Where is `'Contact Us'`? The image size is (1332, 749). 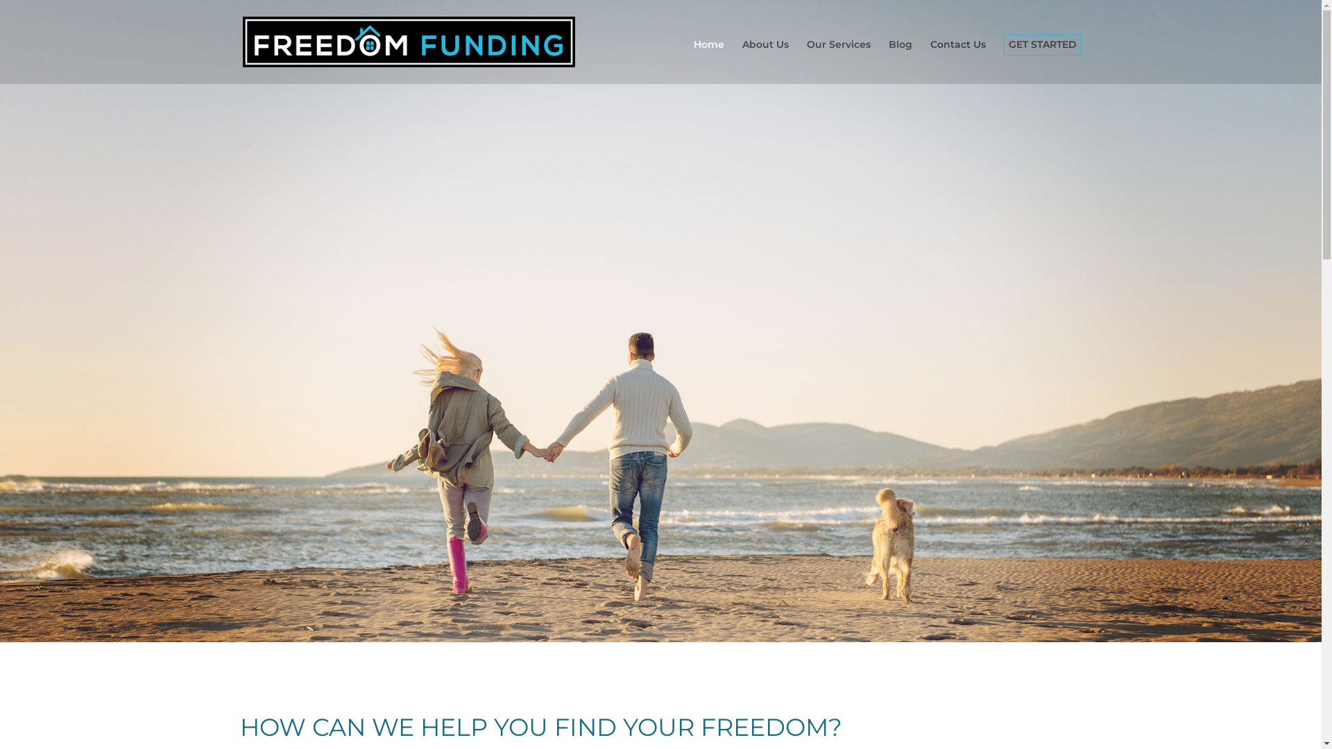
'Contact Us' is located at coordinates (957, 60).